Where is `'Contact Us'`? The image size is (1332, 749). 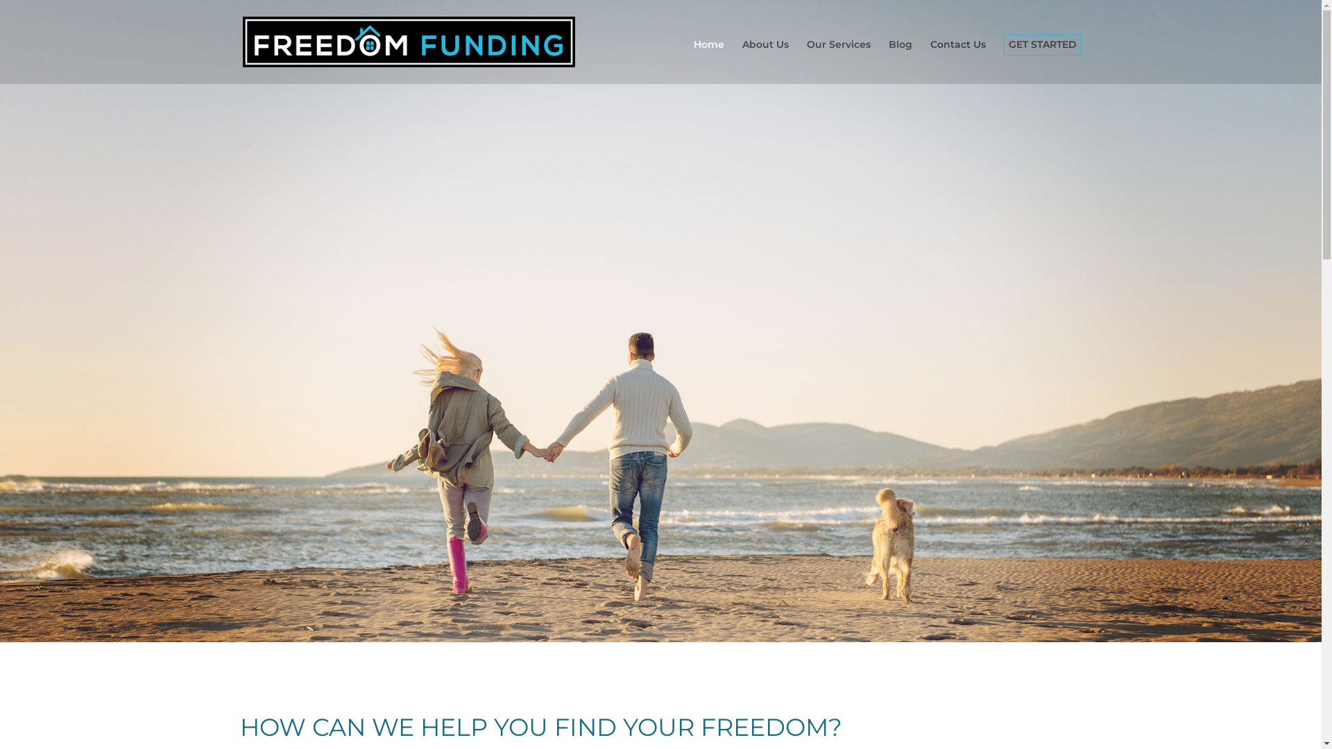
'Contact Us' is located at coordinates (957, 60).